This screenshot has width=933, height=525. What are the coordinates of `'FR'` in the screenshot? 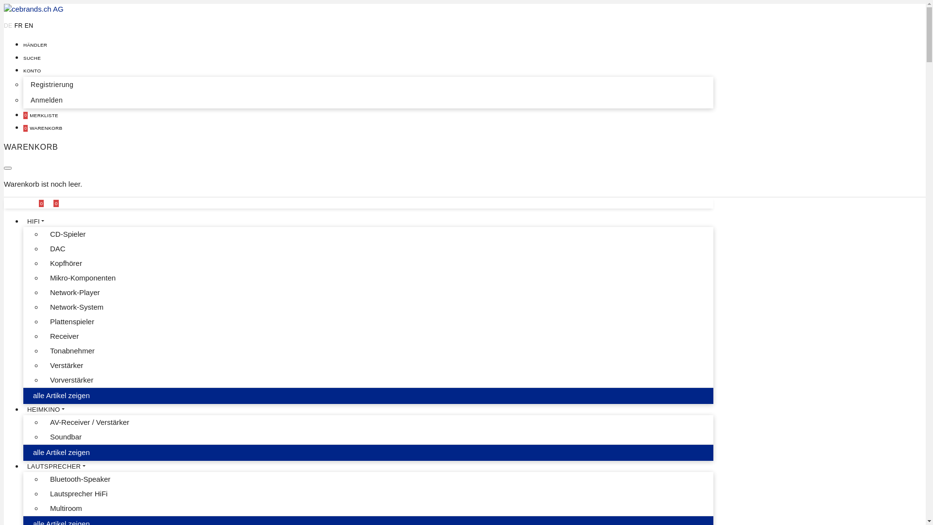 It's located at (18, 25).